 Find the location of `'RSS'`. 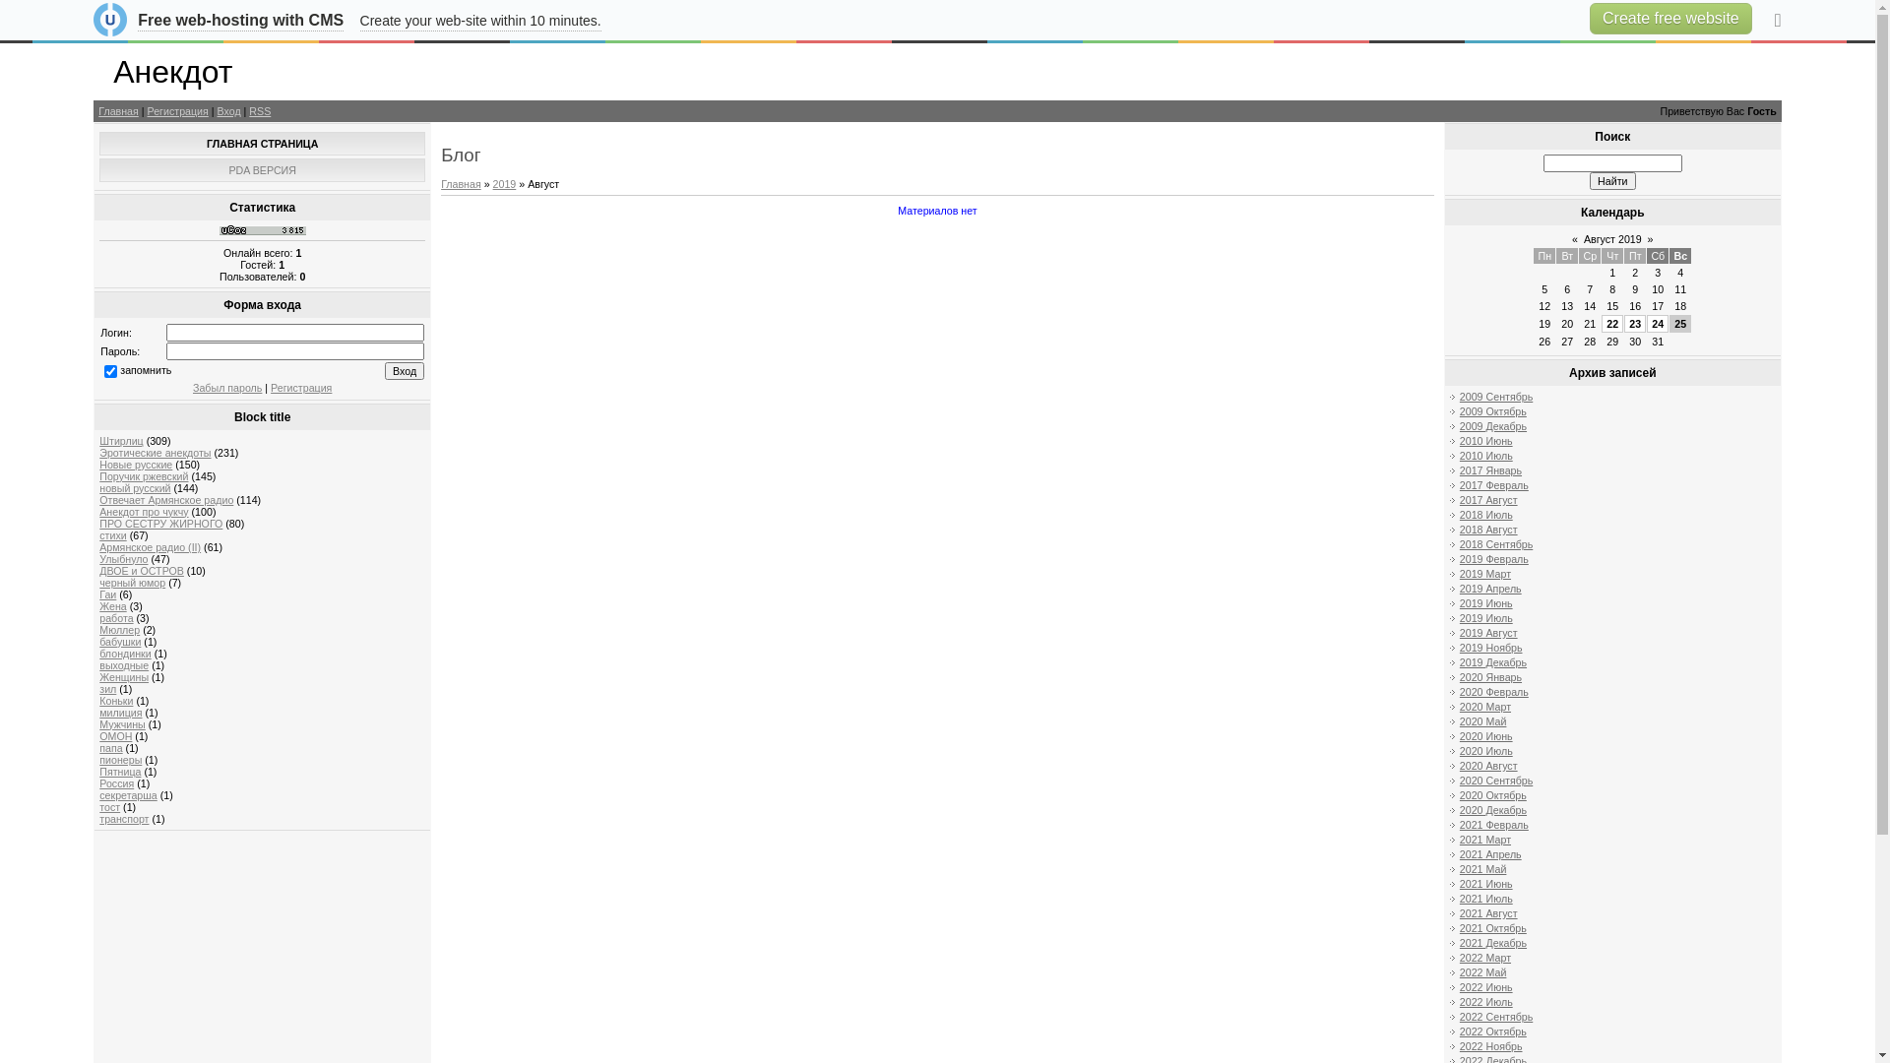

'RSS' is located at coordinates (248, 110).